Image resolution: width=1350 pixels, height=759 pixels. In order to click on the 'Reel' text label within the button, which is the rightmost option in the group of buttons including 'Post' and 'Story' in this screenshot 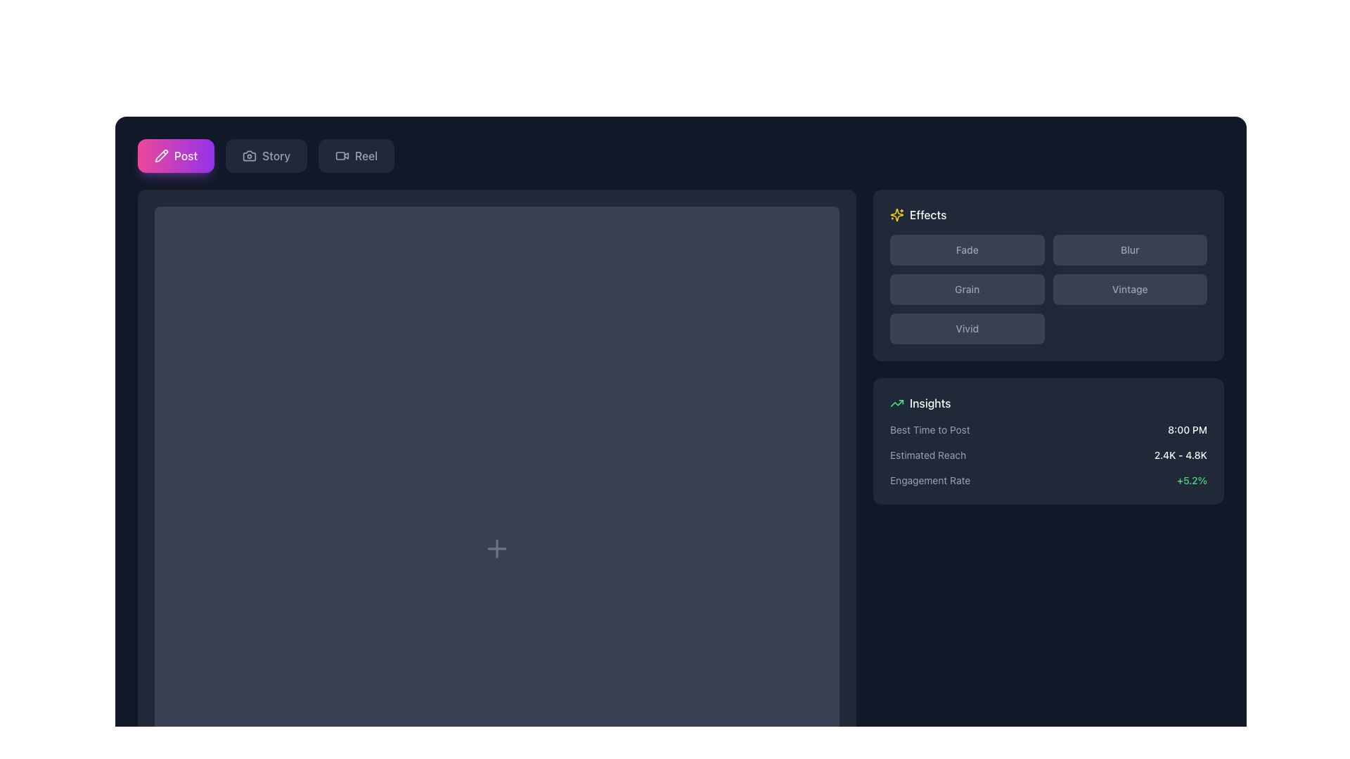, I will do `click(366, 156)`.